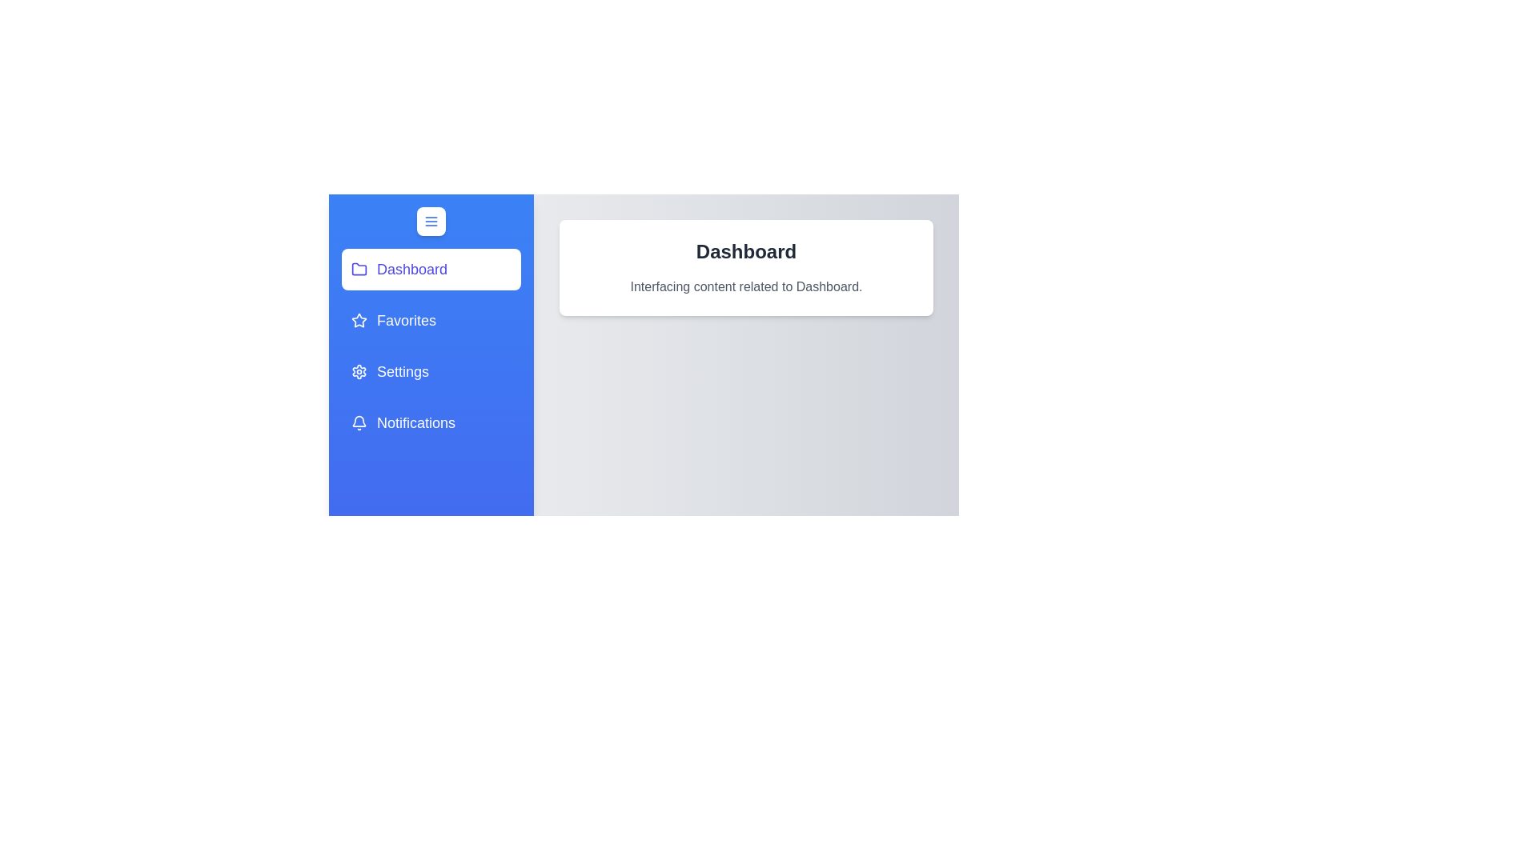 The image size is (1537, 864). What do you see at coordinates (431, 321) in the screenshot?
I see `the menu item Favorites from the drawer` at bounding box center [431, 321].